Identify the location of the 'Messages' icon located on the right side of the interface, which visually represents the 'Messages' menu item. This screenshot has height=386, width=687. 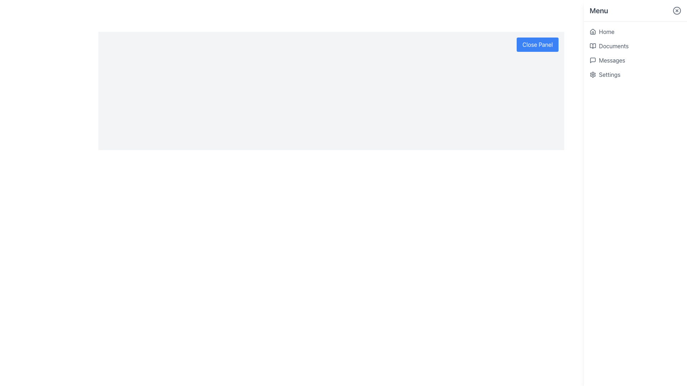
(593, 60).